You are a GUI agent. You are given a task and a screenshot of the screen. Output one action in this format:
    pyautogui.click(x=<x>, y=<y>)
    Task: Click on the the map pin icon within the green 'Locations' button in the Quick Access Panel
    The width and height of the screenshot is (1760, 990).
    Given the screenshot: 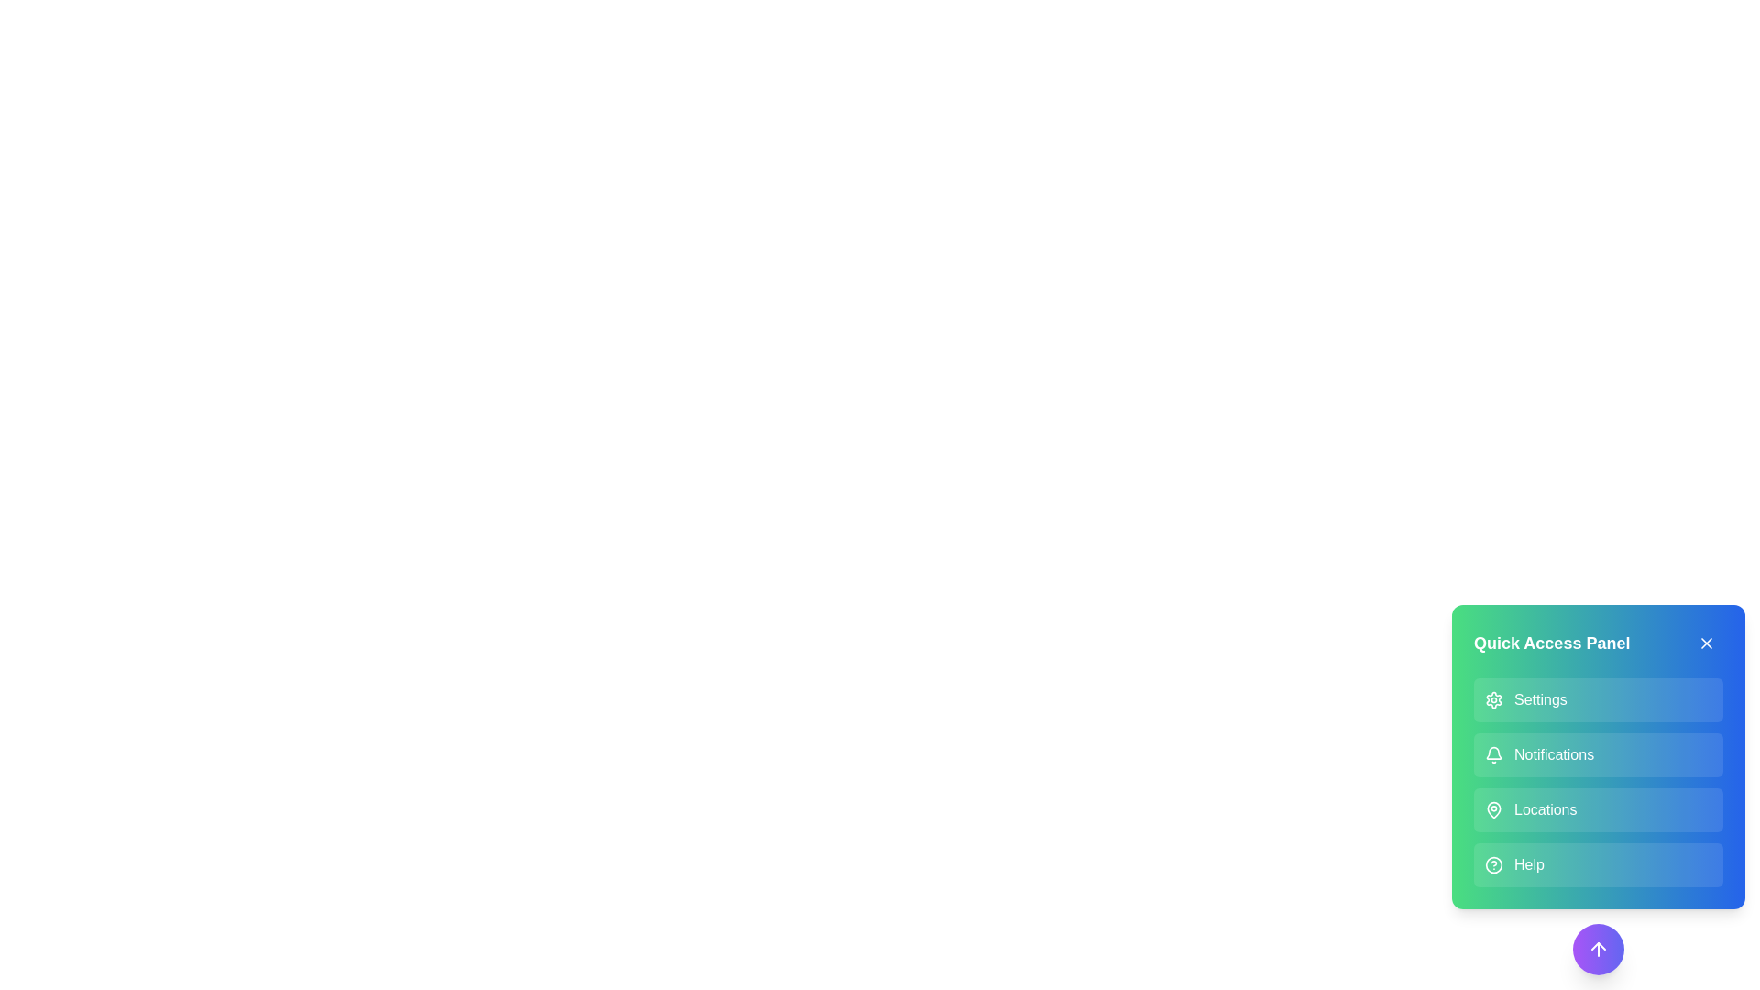 What is the action you would take?
    pyautogui.click(x=1494, y=808)
    